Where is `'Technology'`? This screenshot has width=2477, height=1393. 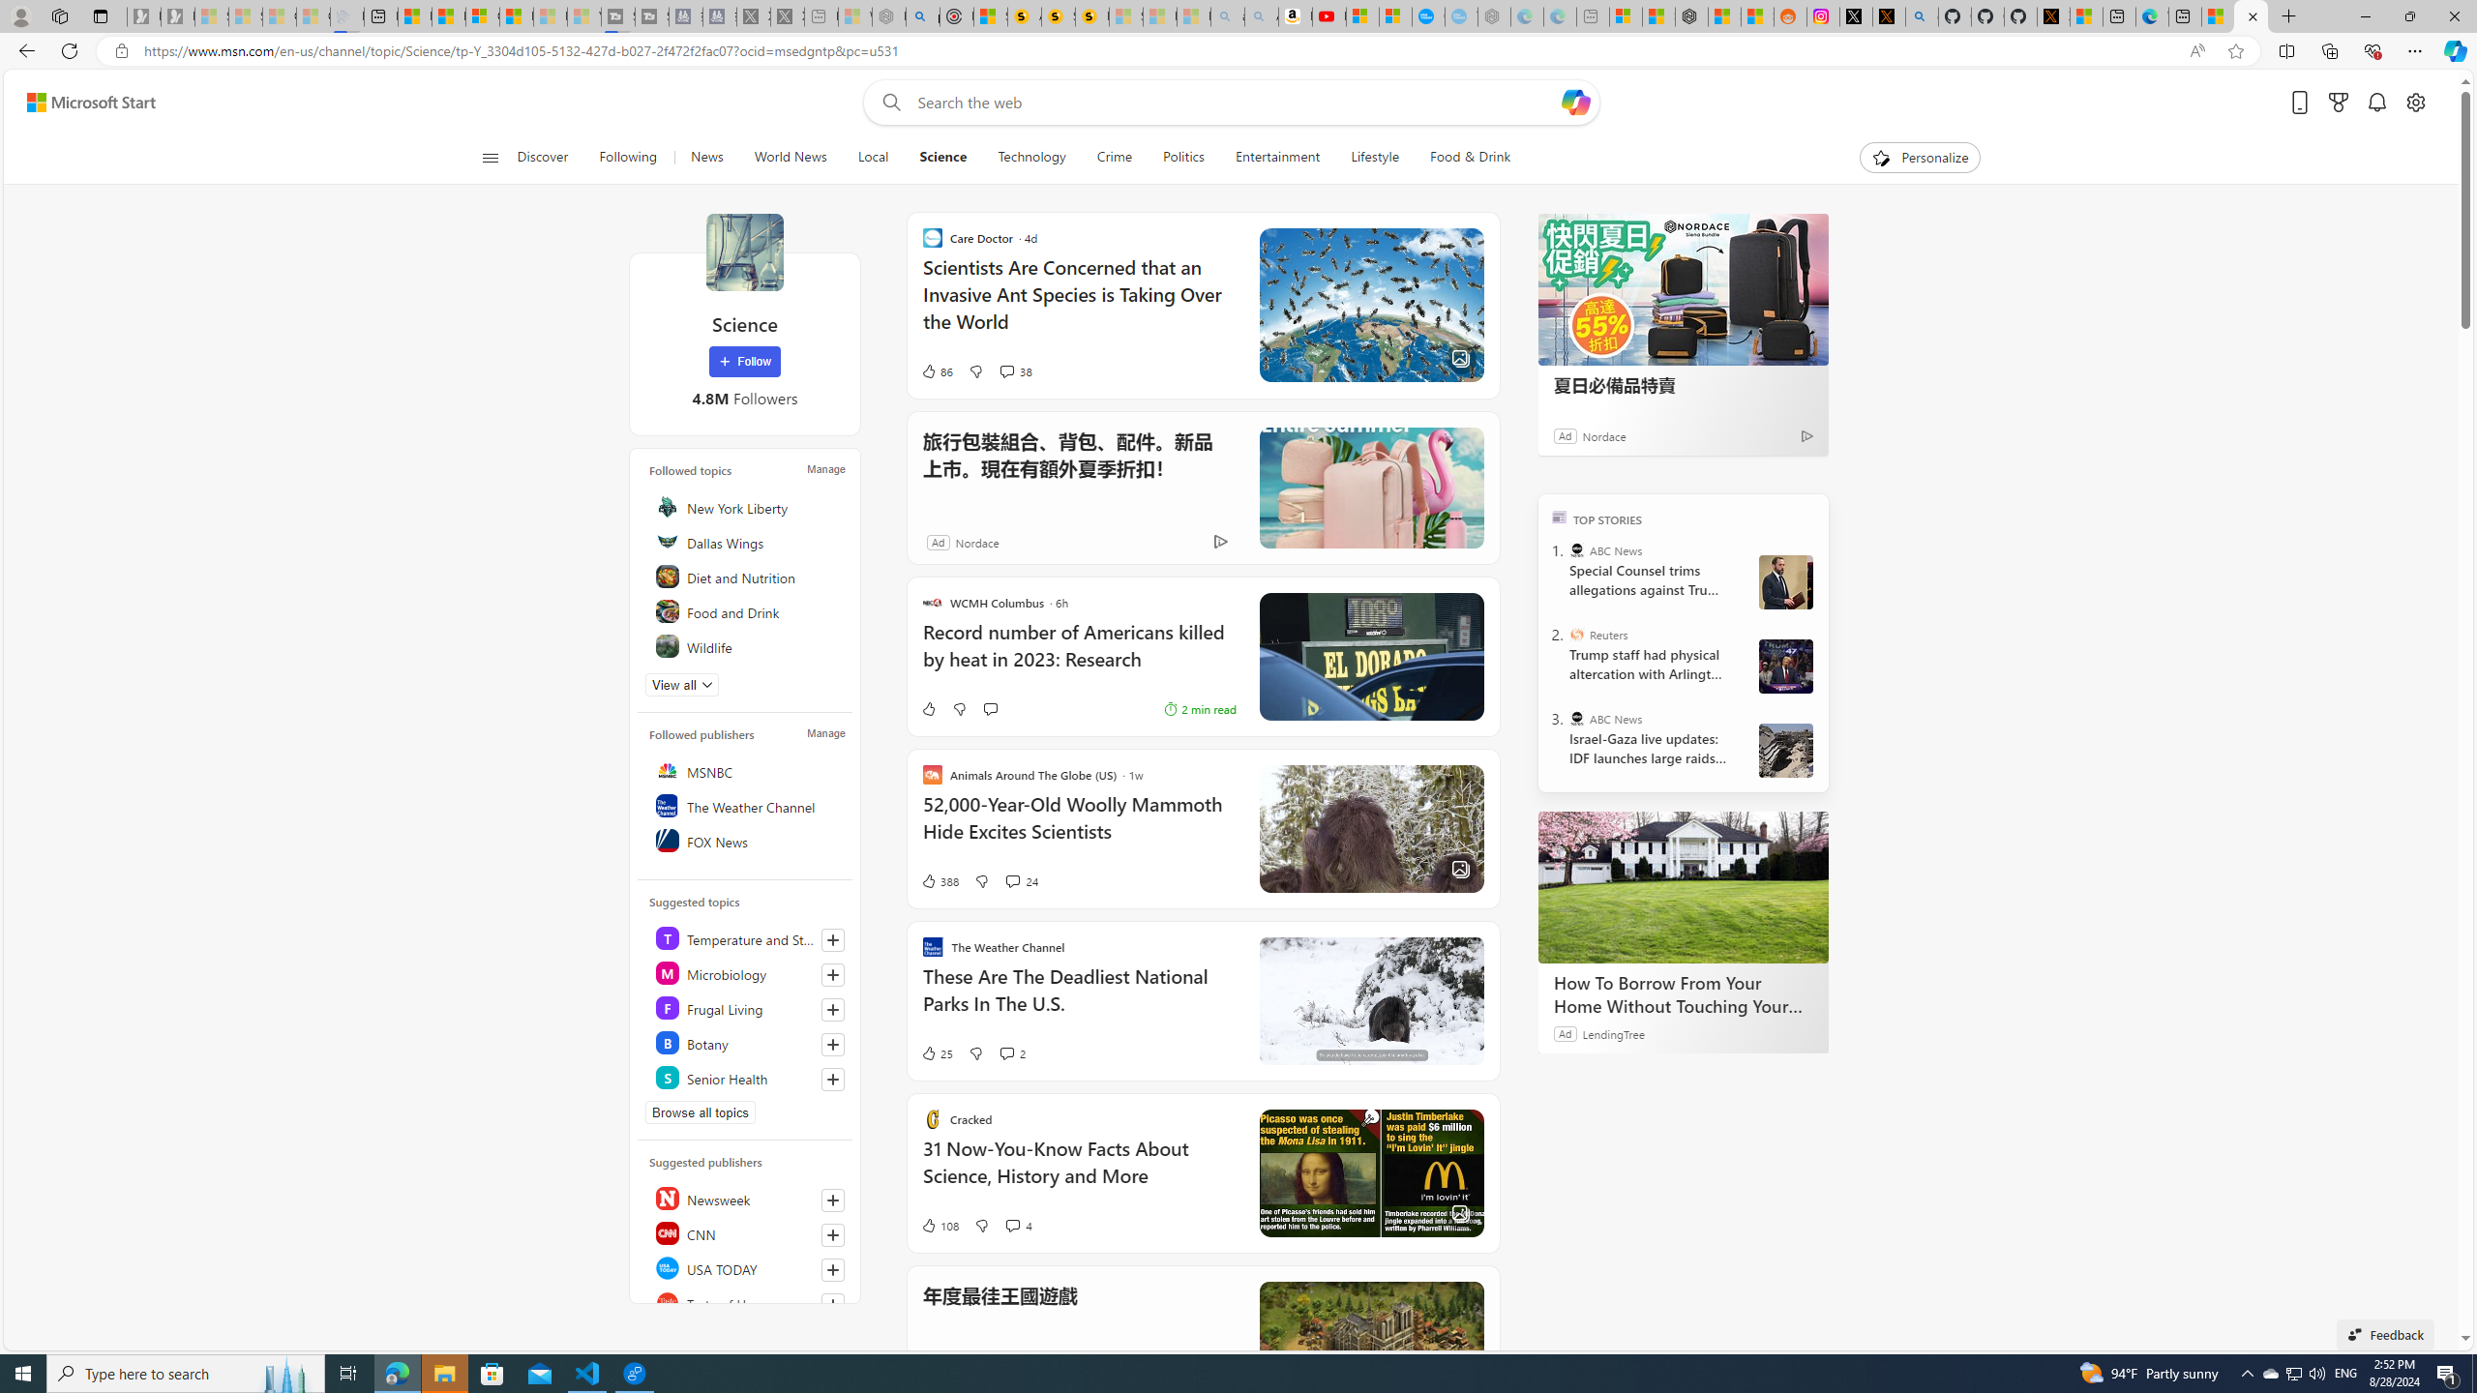 'Technology' is located at coordinates (1030, 157).